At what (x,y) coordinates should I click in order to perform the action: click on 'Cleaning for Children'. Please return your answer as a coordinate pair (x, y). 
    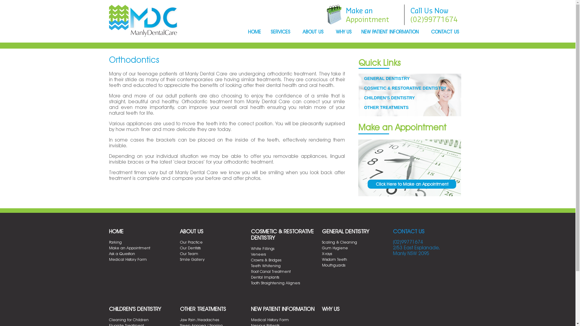
    Looking at the image, I should click on (128, 319).